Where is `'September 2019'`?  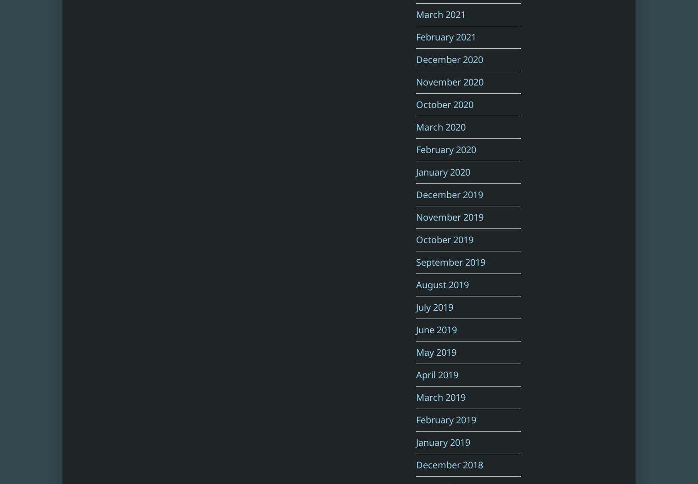
'September 2019' is located at coordinates (450, 262).